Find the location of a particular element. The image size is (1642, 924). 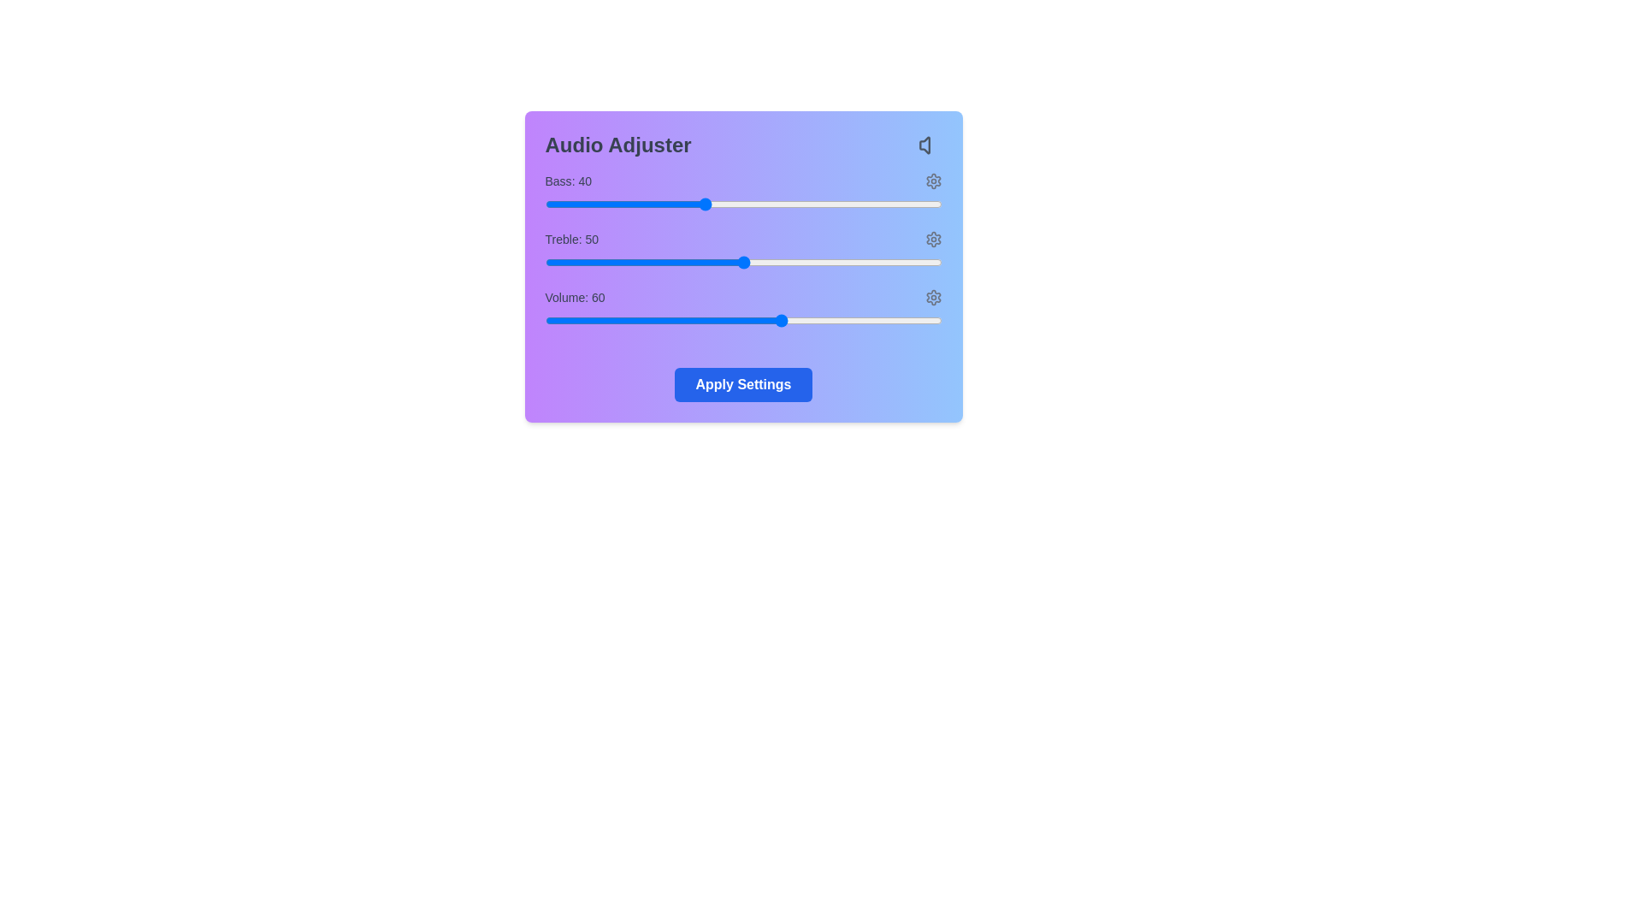

the track of the horizontal audio slider positioned under the 'Bass: 40' text to set a position directly is located at coordinates (743, 204).